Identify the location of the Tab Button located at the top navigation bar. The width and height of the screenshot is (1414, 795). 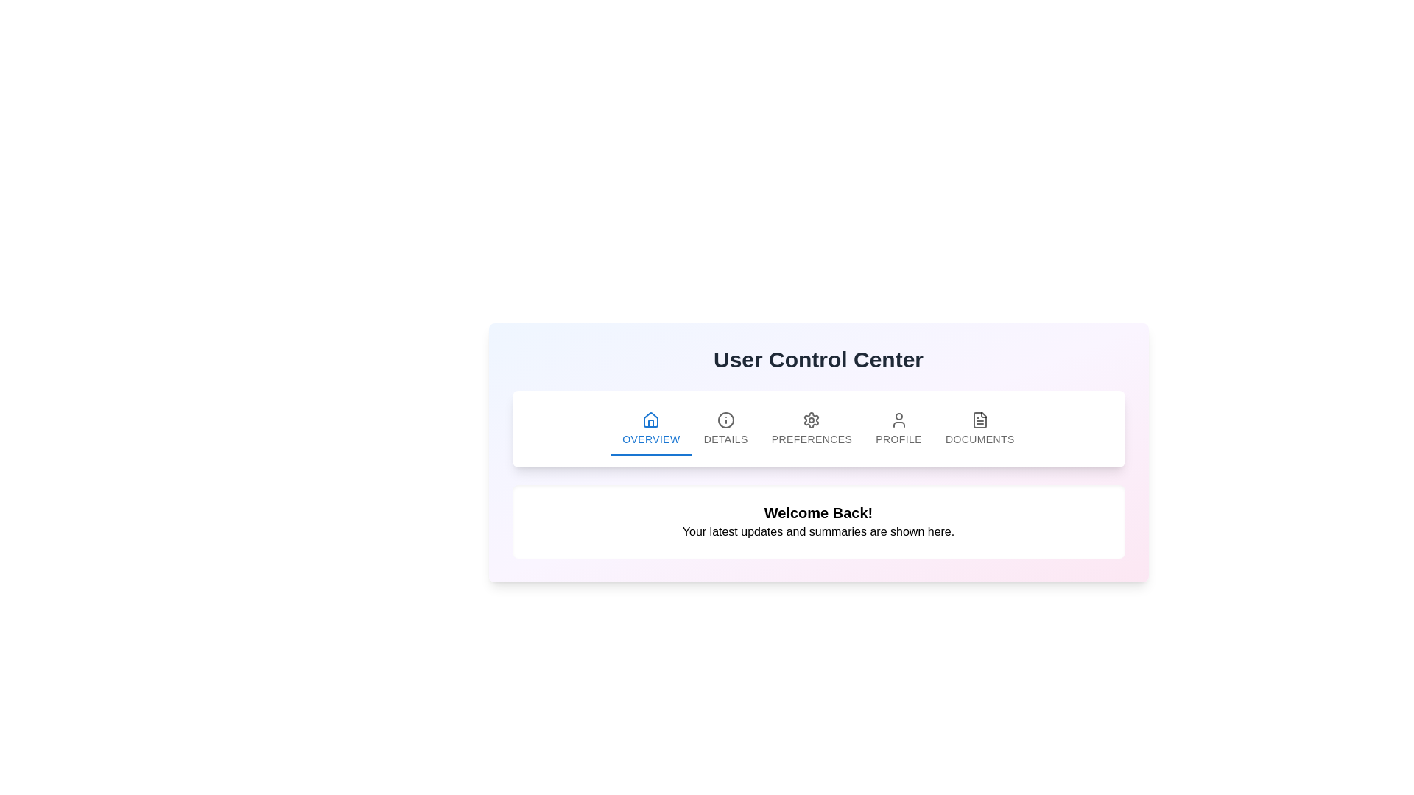
(650, 428).